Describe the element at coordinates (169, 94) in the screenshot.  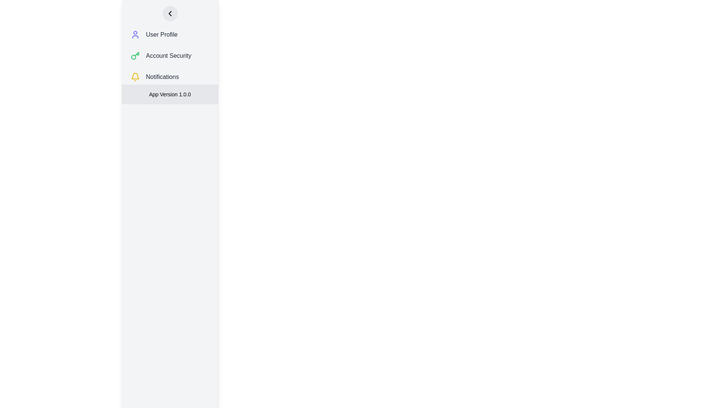
I see `the informational Text Label that displays the application version, located at the bottom of the vertical sidebar under 'Notifications'` at that location.